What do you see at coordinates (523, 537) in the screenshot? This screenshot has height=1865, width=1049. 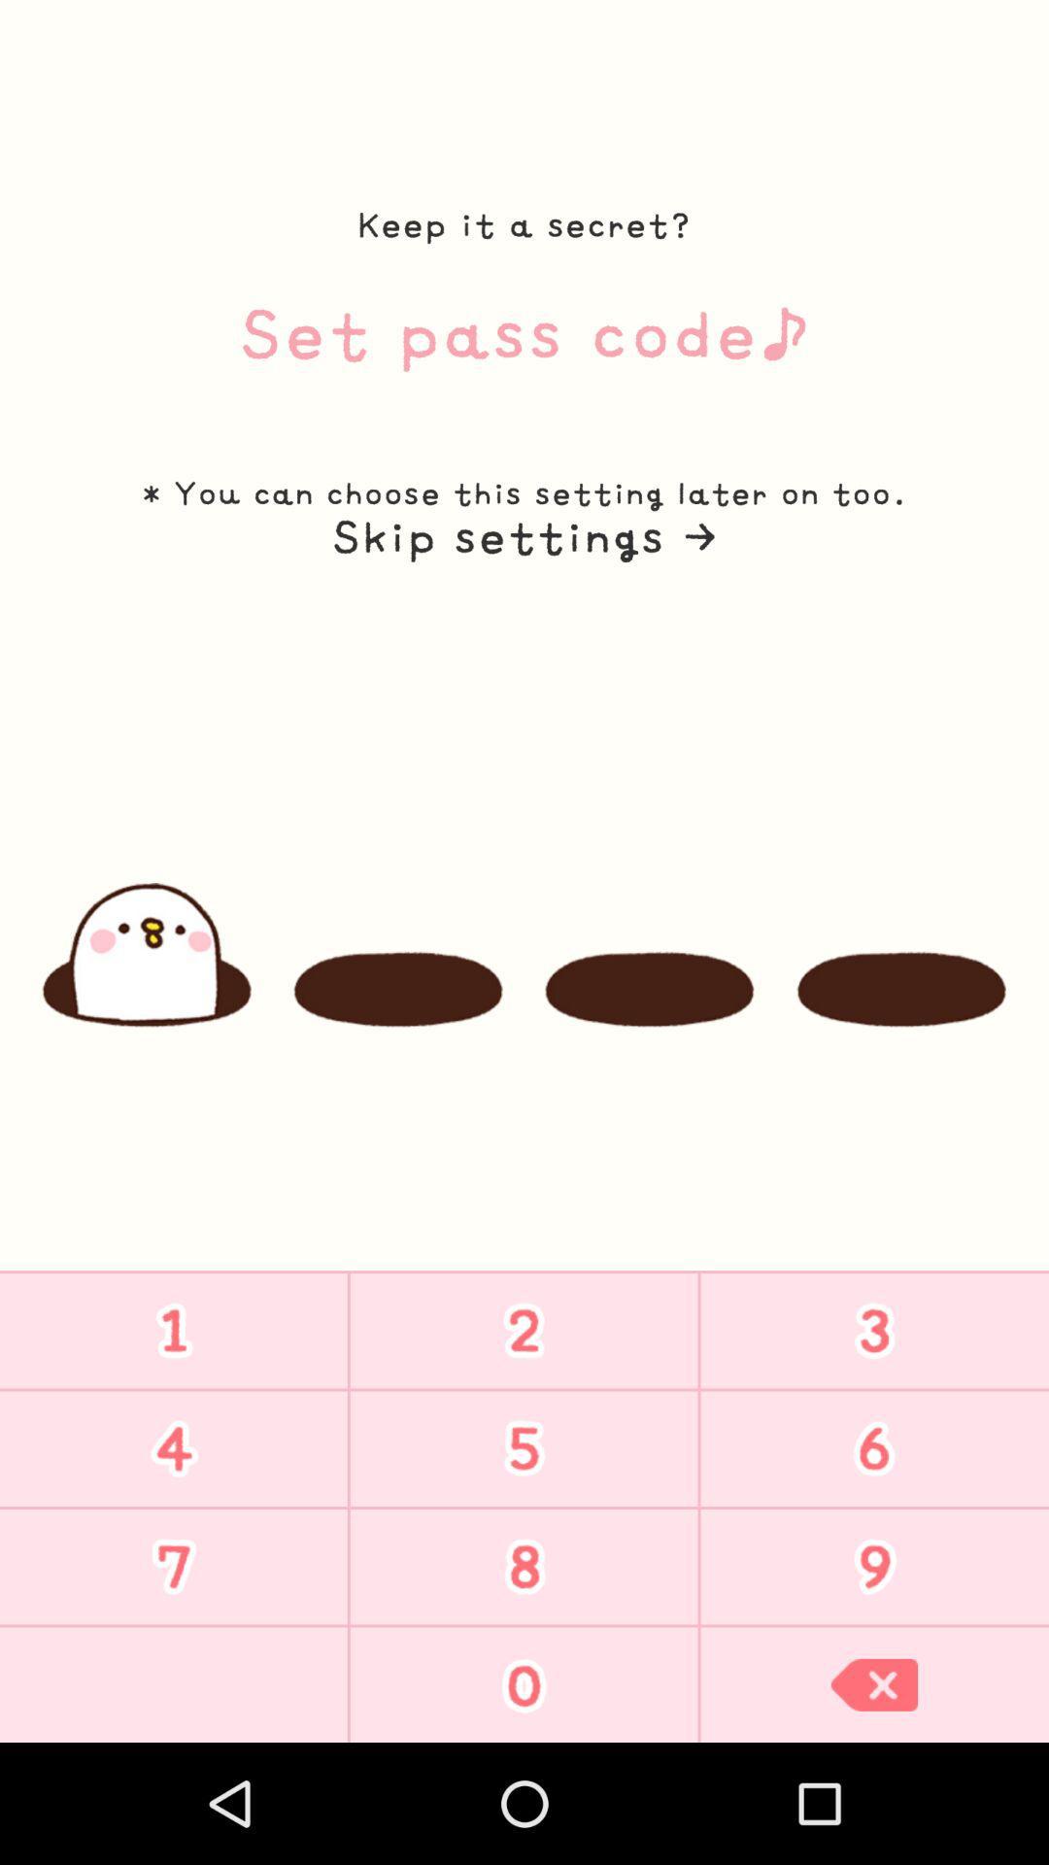 I see `item below you can choose item` at bounding box center [523, 537].